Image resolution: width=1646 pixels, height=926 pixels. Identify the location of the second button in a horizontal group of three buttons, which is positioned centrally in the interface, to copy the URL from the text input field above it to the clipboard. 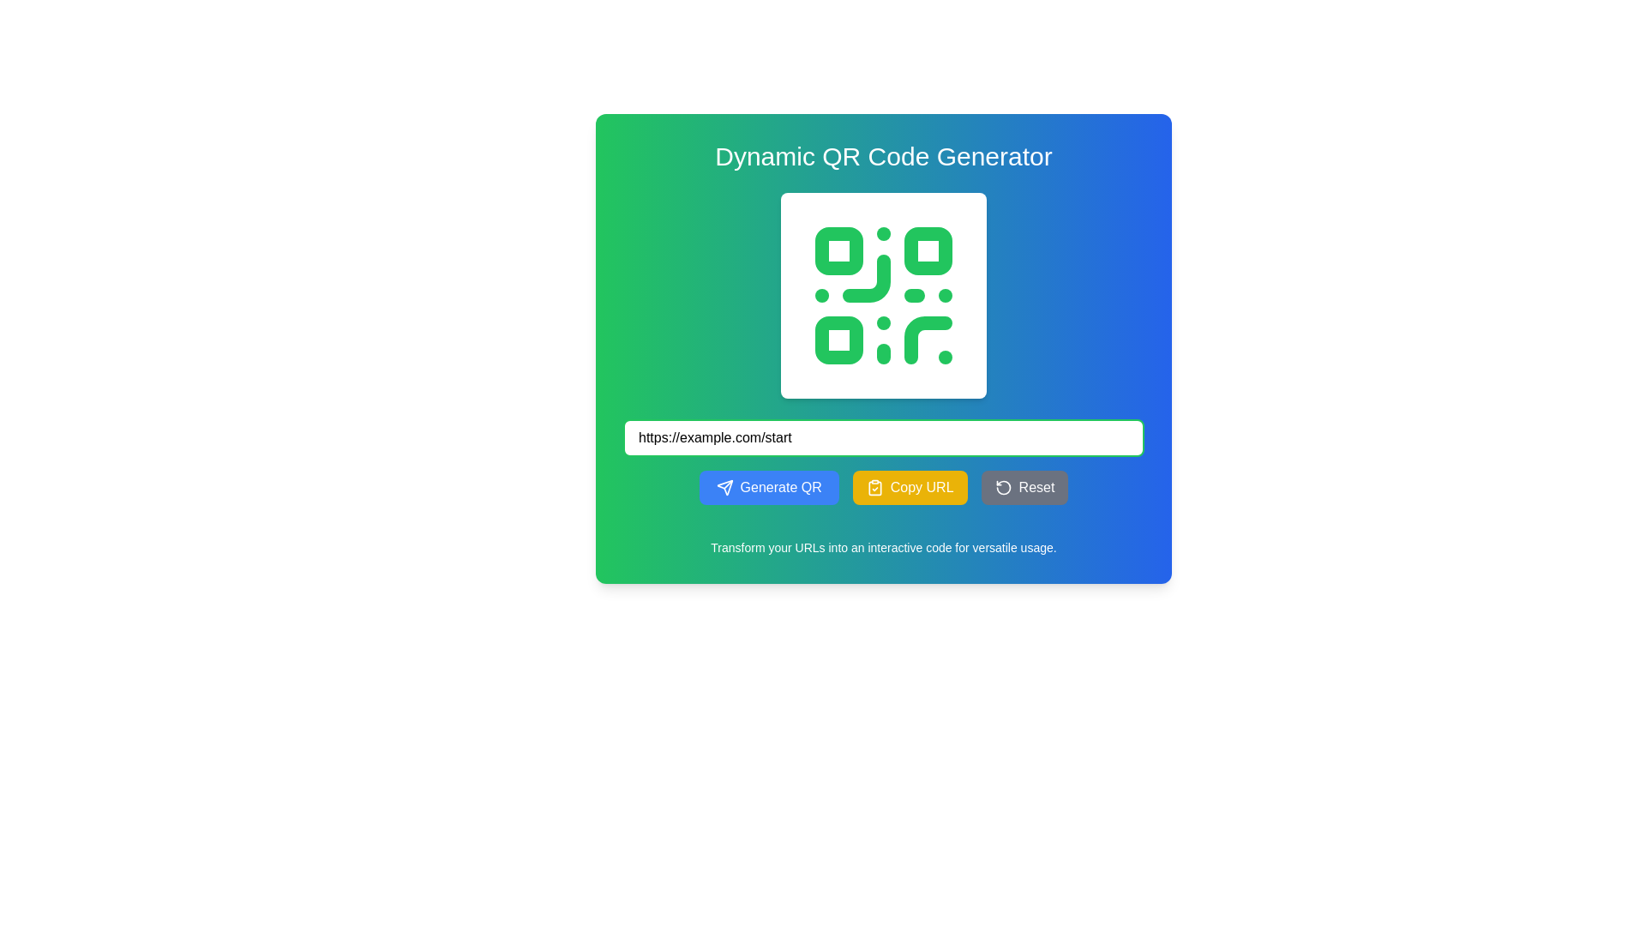
(909, 488).